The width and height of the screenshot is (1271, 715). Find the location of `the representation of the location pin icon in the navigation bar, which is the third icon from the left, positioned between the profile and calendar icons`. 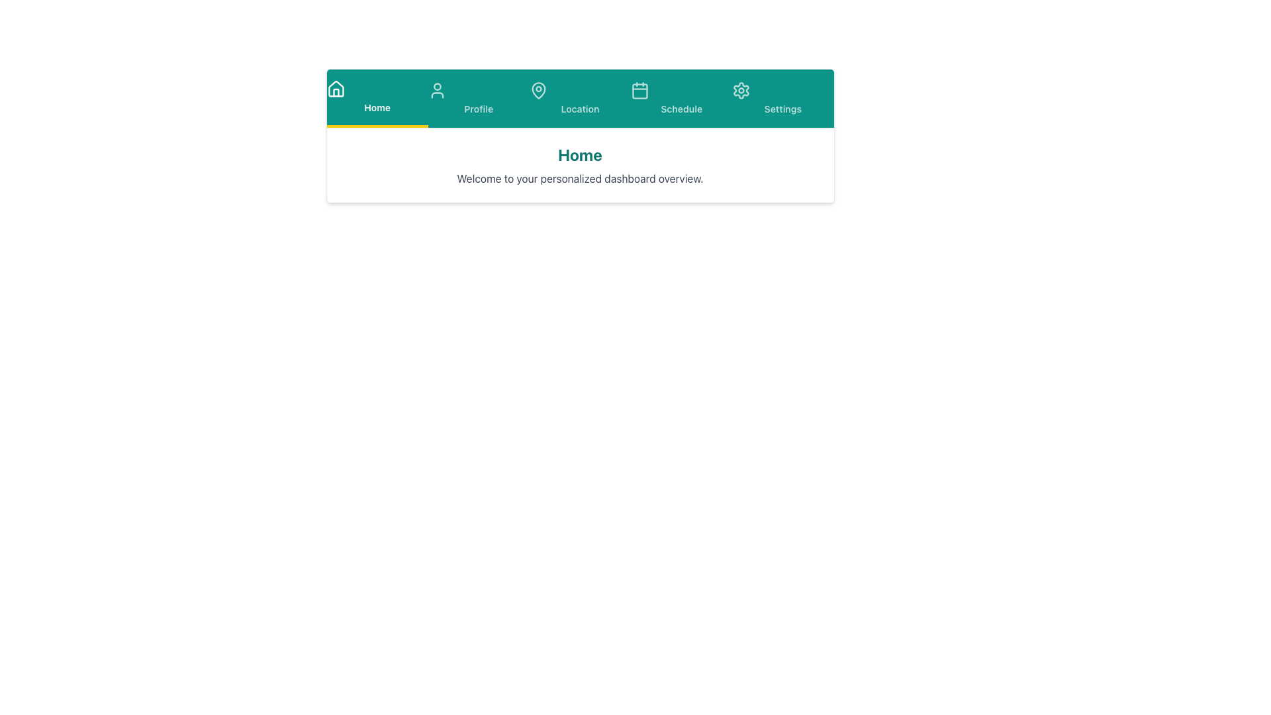

the representation of the location pin icon in the navigation bar, which is the third icon from the left, positioned between the profile and calendar icons is located at coordinates (538, 90).